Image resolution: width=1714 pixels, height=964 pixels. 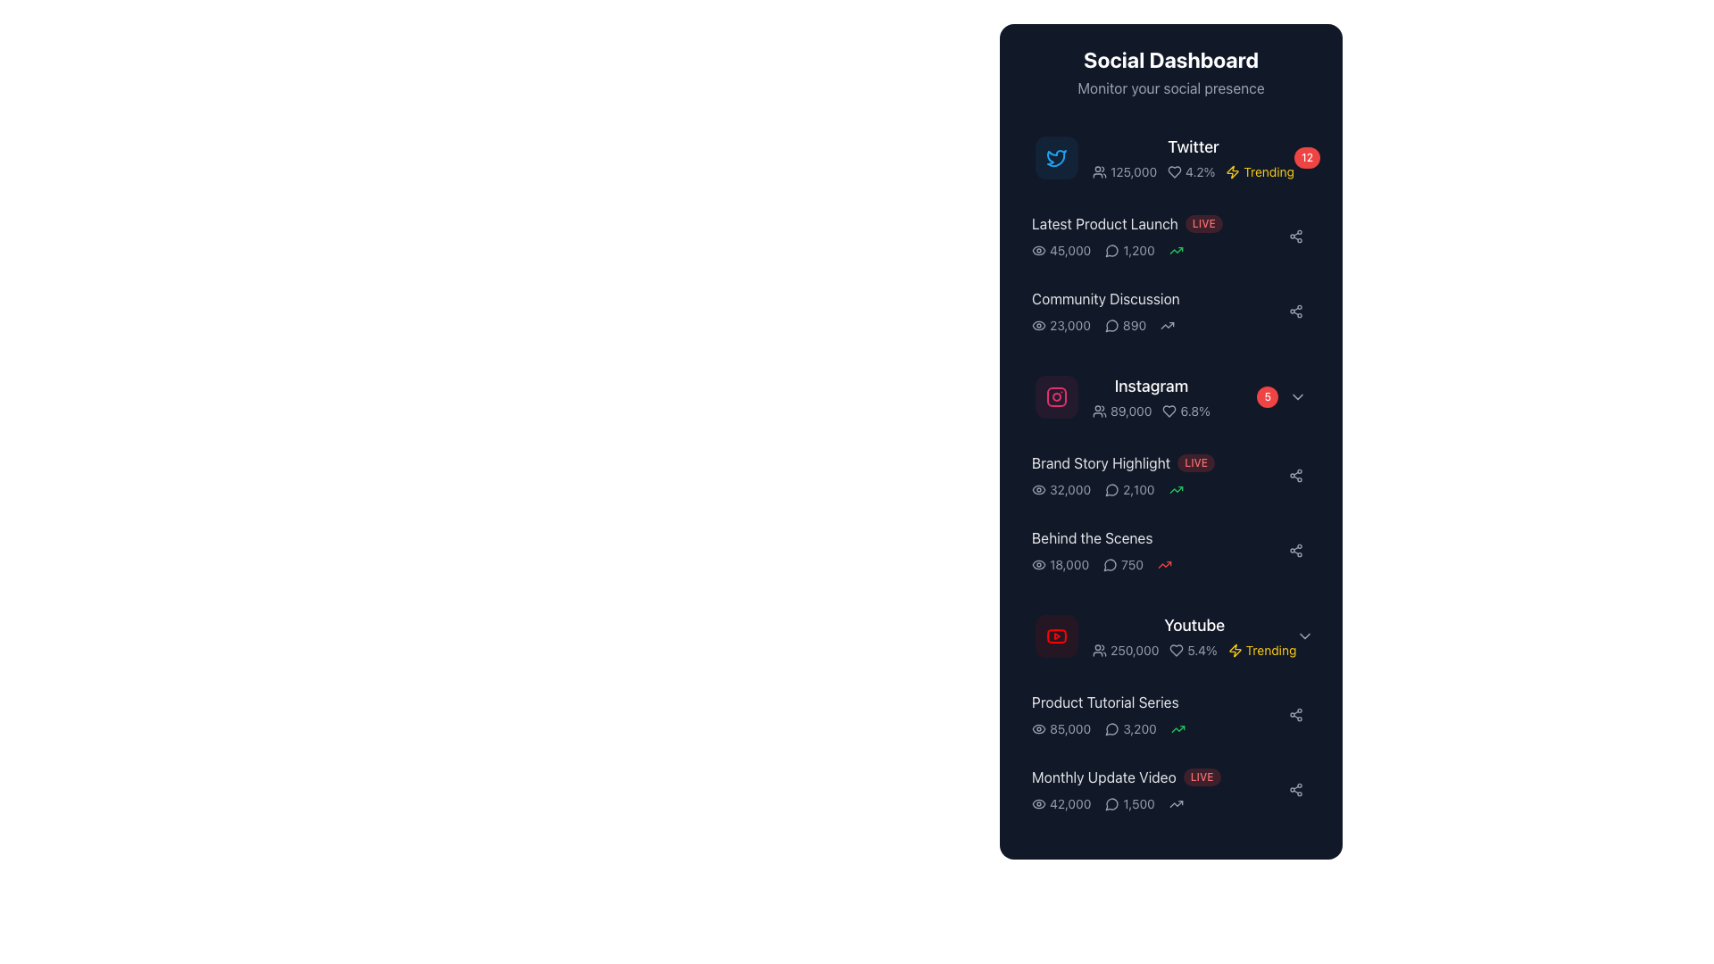 What do you see at coordinates (1281, 395) in the screenshot?
I see `the notification badge in the Instagram section of the Social Dashboard` at bounding box center [1281, 395].